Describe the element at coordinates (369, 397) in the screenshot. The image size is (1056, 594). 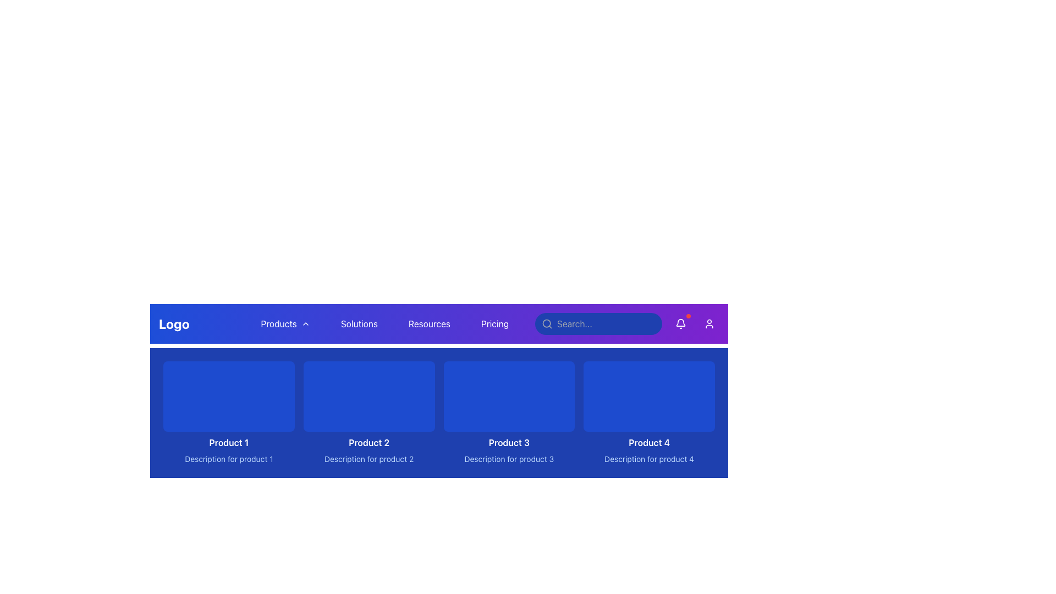
I see `the decorative loading placeholder for product image in the grid layout, specifically the second item under 'Product 2'` at that location.